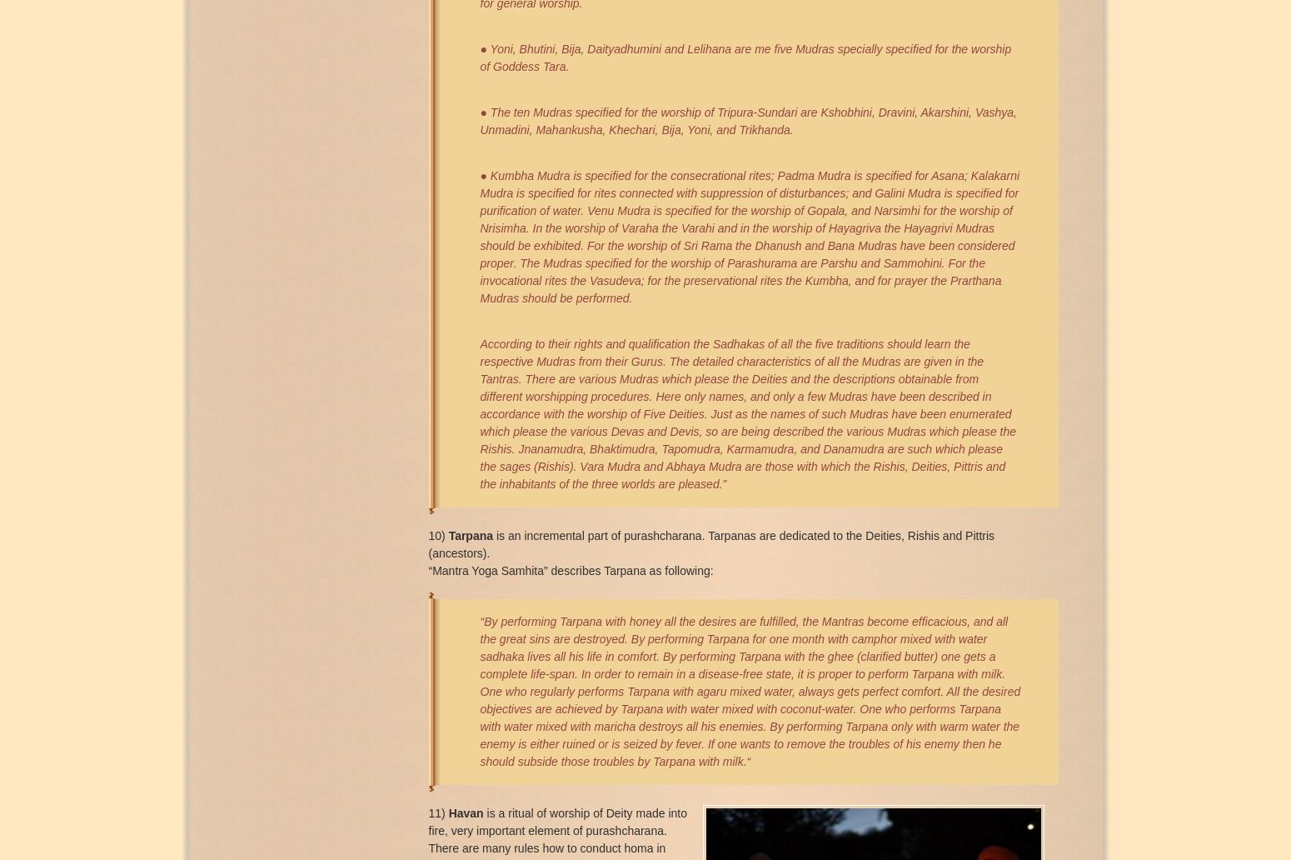  Describe the element at coordinates (748, 412) in the screenshot. I see `'According to their rights and qualiﬁcation the Sadhakas of all the ﬁve traditions should learn the respective Mudras from their Gurus. The detailed characteristics of all the Mudras are given in the Tantras. There are various Mudras which please the Deities and the descriptions obtainable from different worshipping procedures. Here only names, and only a few Mudras have been described in accordance with the worship of Five Deities. Just as the names of such Mudras have been enumerated which please the various Devas and Devis, so are being described the various Mudras which please the Rishis. Jnanamudra, Bhaktimudra, Tapomudra, Karmamudra, and Danamudra are such which please the sages (Rishis). Vara Mudra and Abhaya Mudra are those with which the Rishis, Deities, Pittris and the inhabitants of the three worlds are pleased.”'` at that location.